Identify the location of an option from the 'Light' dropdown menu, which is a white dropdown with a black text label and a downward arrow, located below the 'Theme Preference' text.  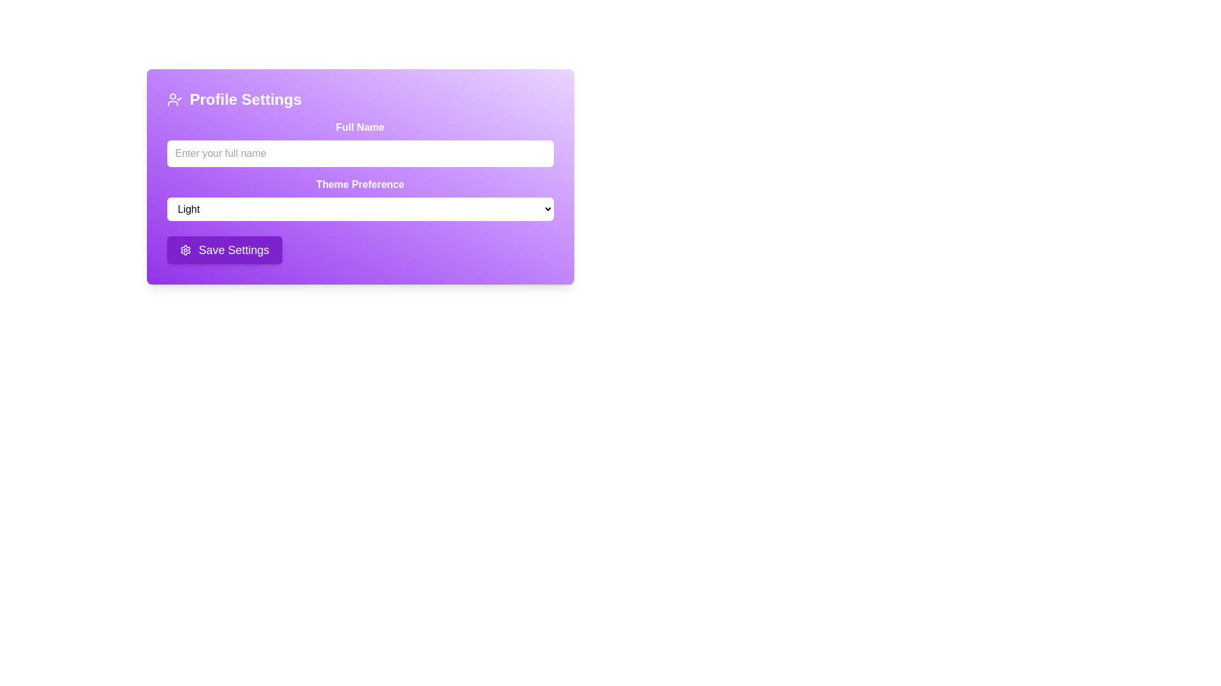
(359, 208).